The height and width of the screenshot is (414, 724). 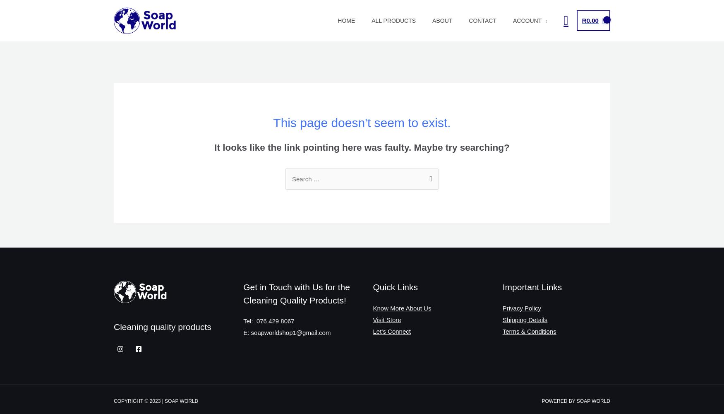 What do you see at coordinates (529, 331) in the screenshot?
I see `'Terms & Conditions'` at bounding box center [529, 331].